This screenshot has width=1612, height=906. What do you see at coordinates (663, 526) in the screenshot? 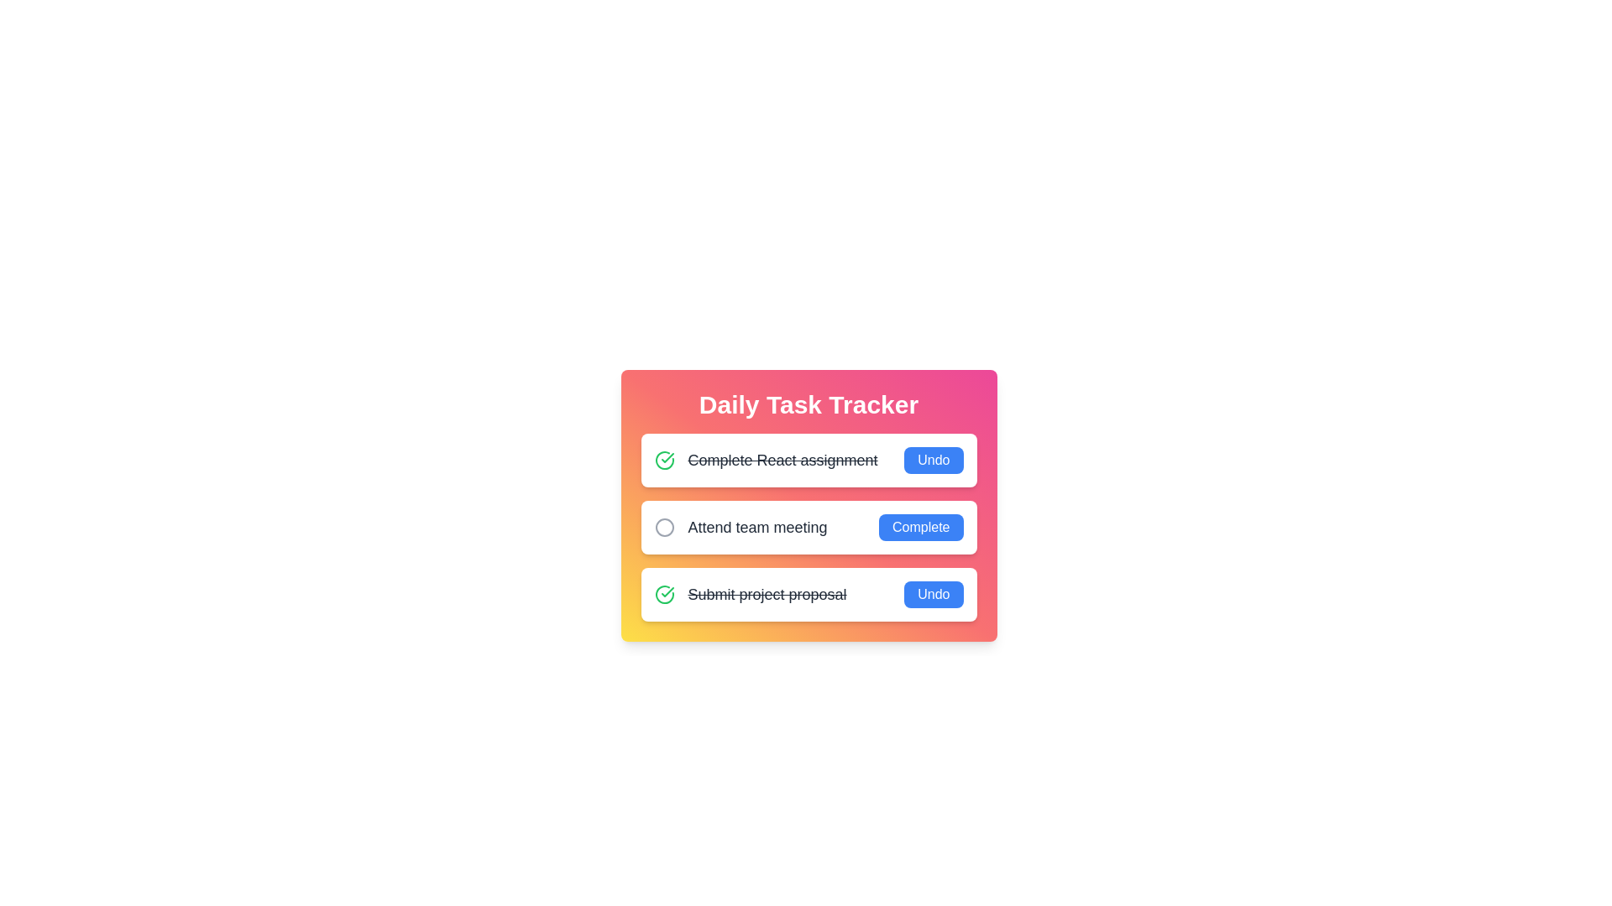
I see `the completion status icon for Attend team meeting` at bounding box center [663, 526].